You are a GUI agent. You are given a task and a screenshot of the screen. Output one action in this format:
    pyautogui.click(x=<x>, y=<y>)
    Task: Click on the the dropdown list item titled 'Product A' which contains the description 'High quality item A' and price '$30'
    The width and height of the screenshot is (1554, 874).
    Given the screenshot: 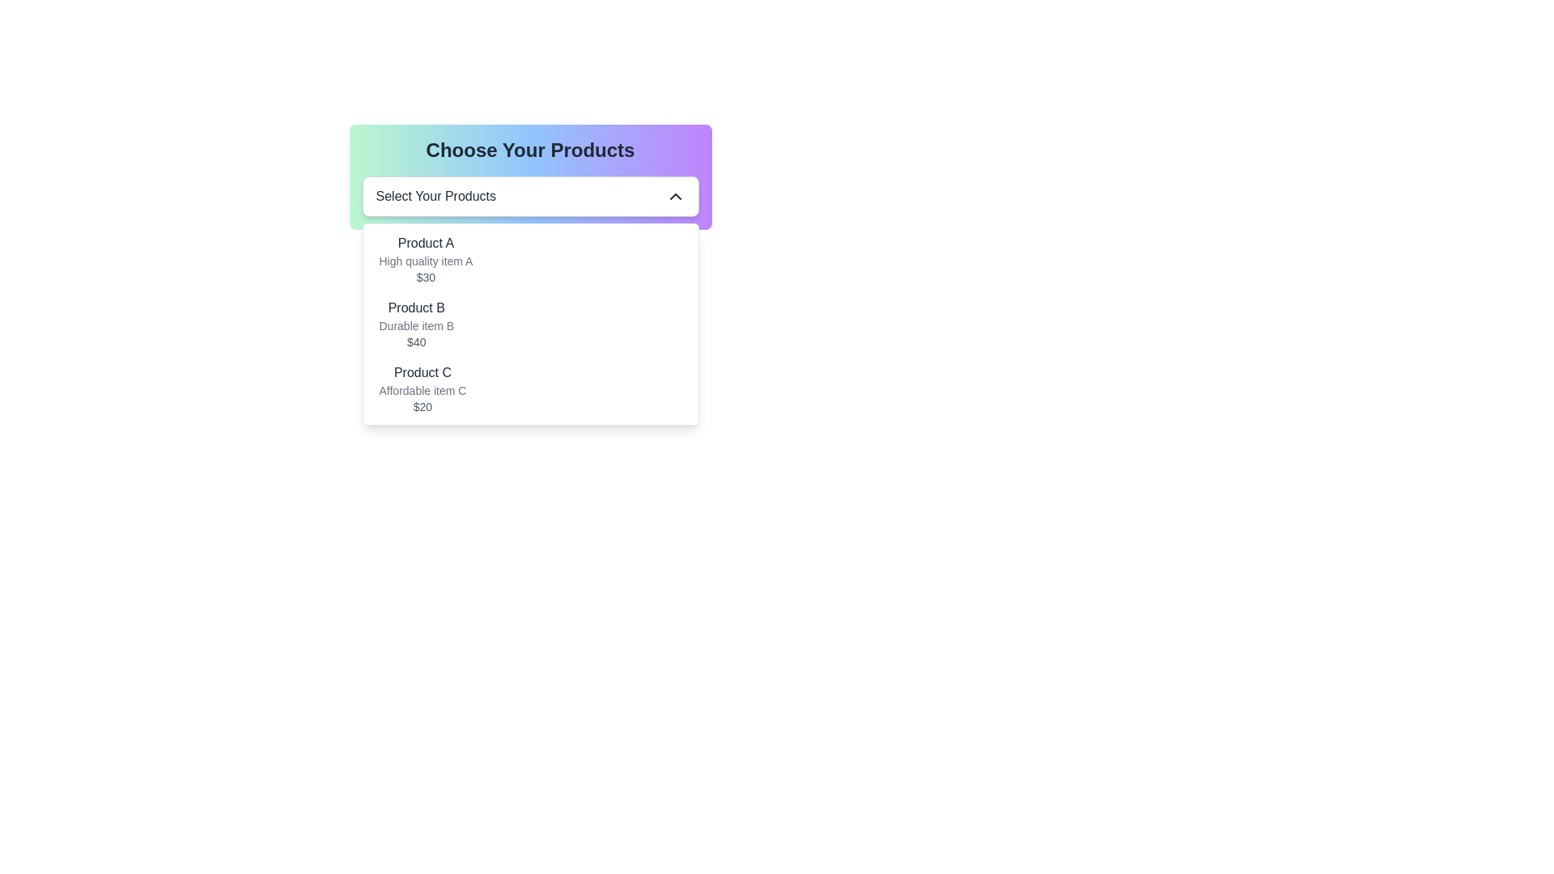 What is the action you would take?
    pyautogui.click(x=426, y=258)
    